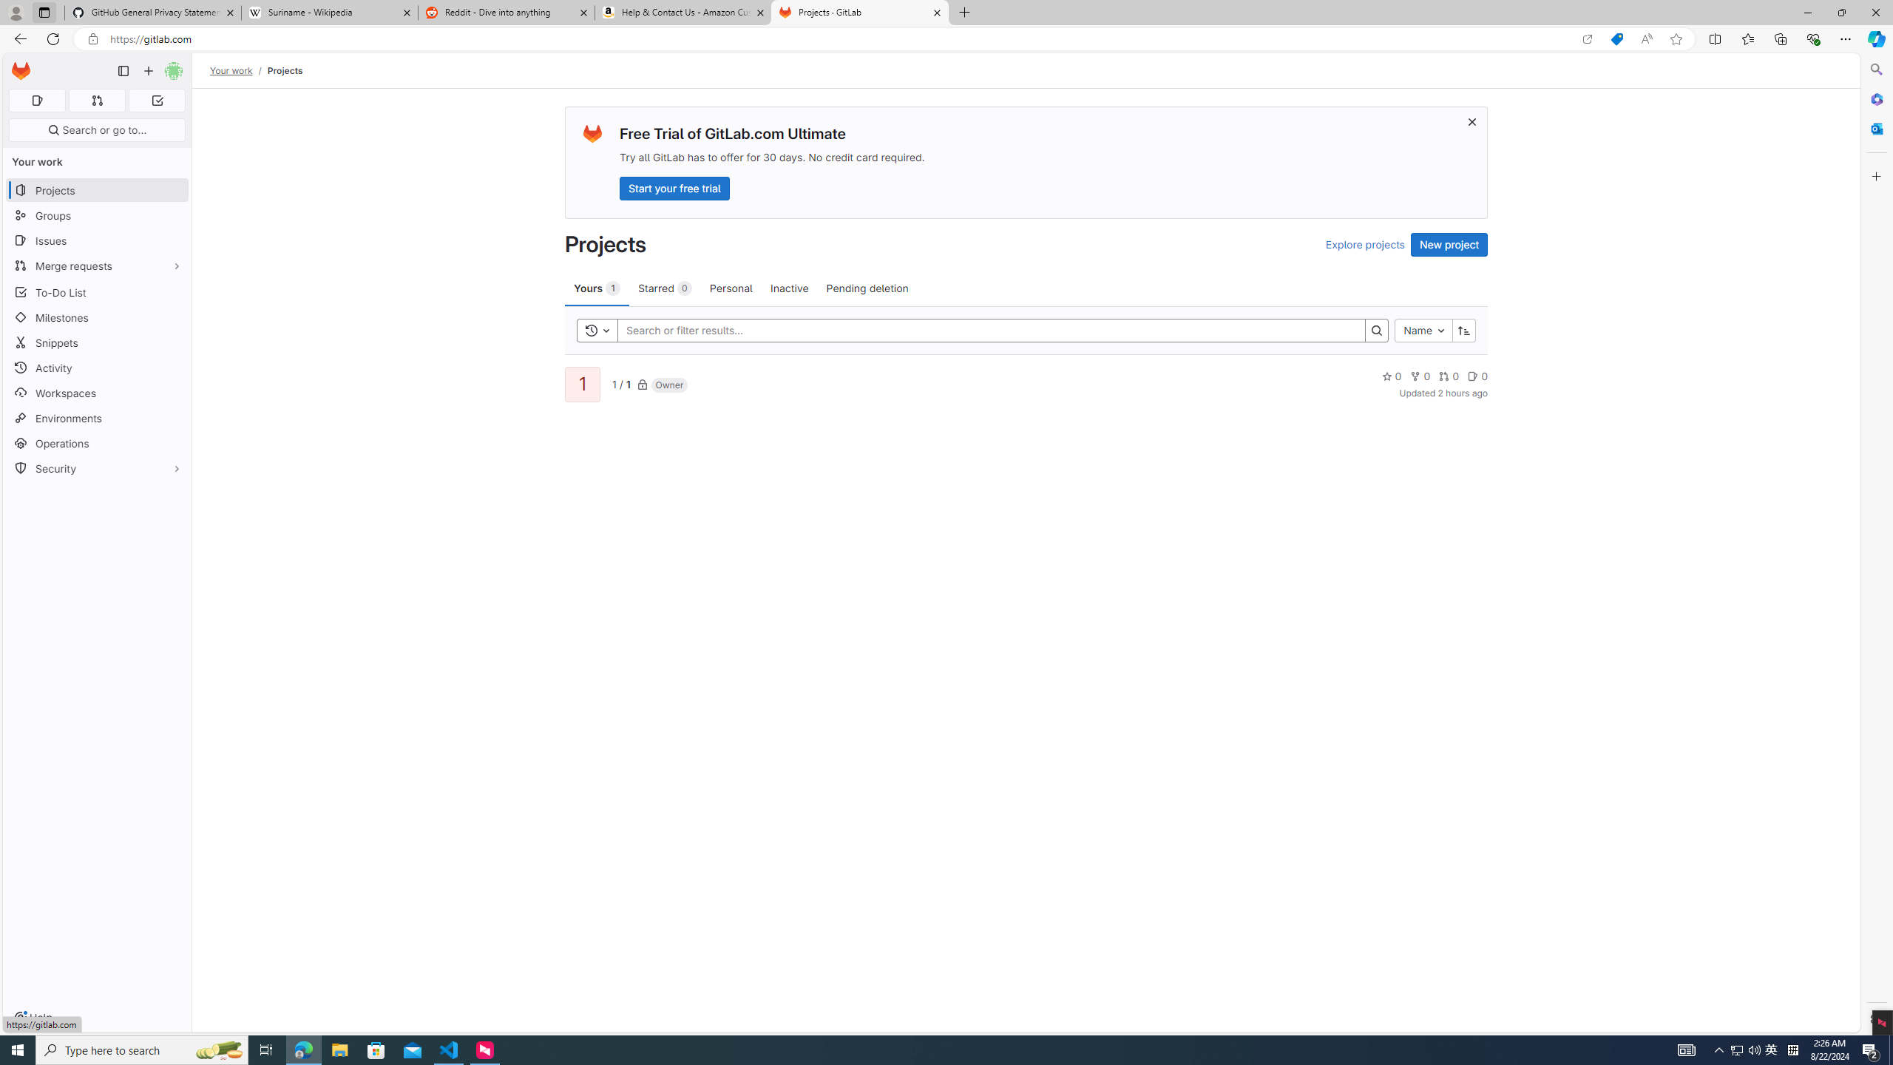  What do you see at coordinates (730, 287) in the screenshot?
I see `'Personal'` at bounding box center [730, 287].